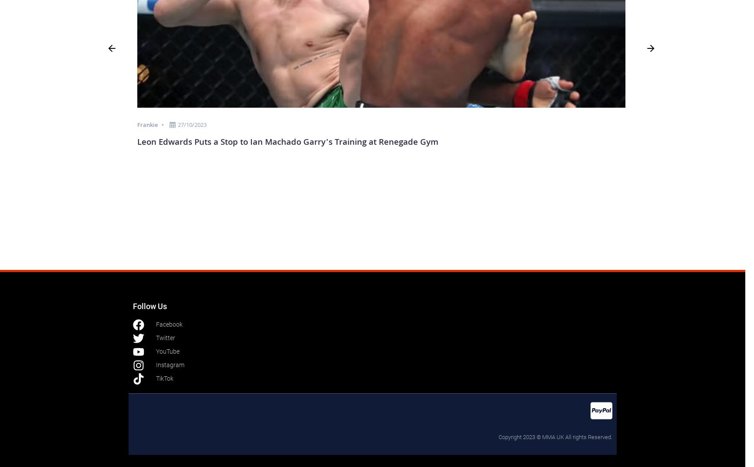 Image resolution: width=754 pixels, height=467 pixels. What do you see at coordinates (156, 364) in the screenshot?
I see `'Instagram'` at bounding box center [156, 364].